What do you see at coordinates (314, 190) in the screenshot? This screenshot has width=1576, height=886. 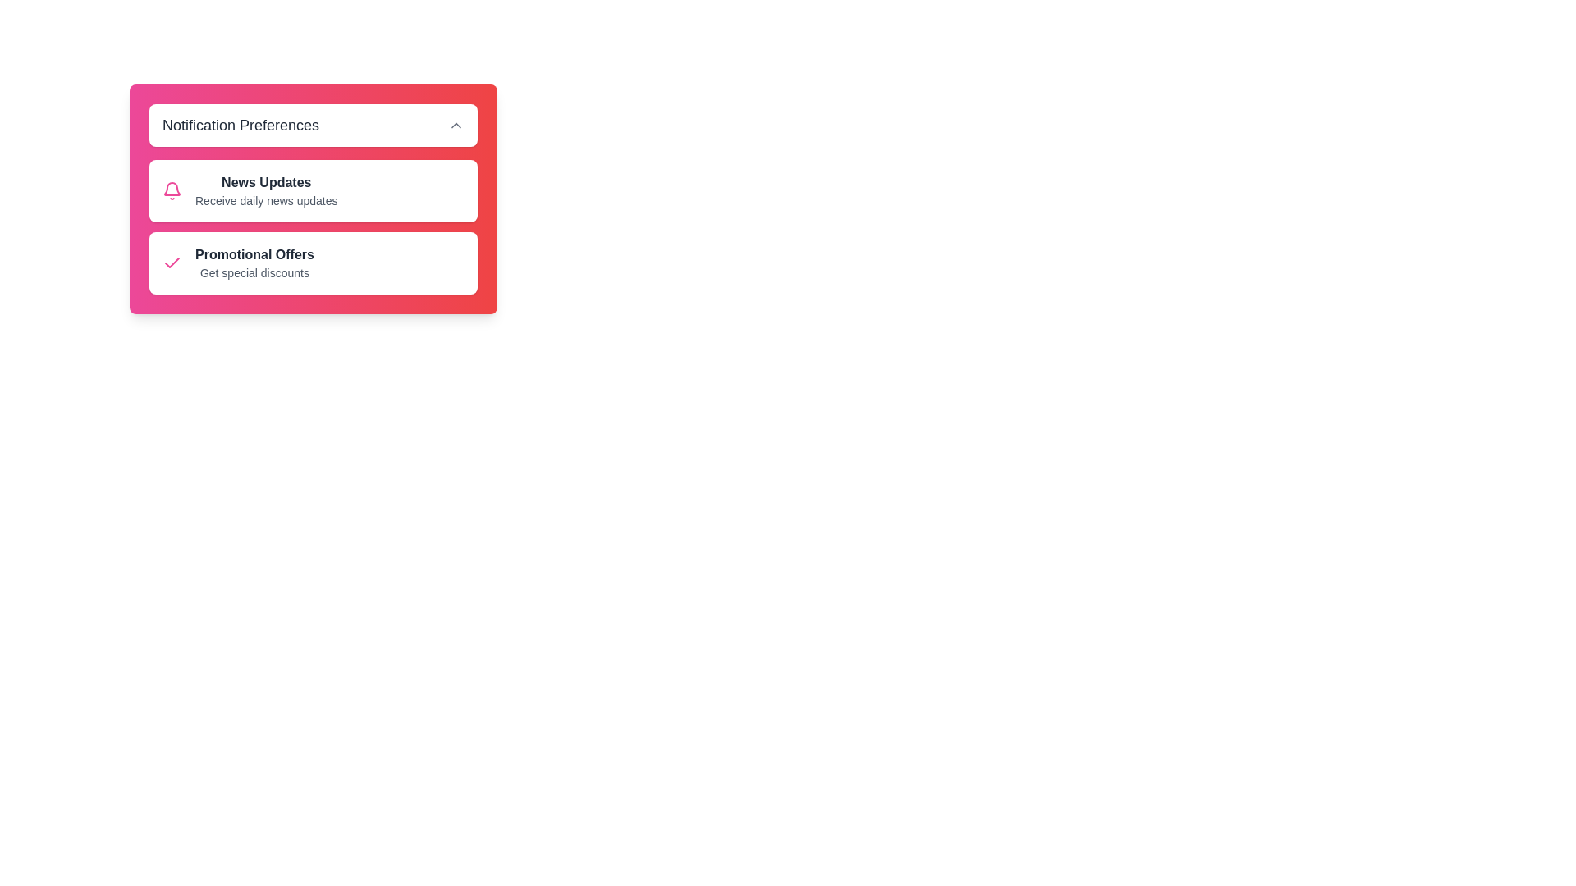 I see `the notification option News Updates` at bounding box center [314, 190].